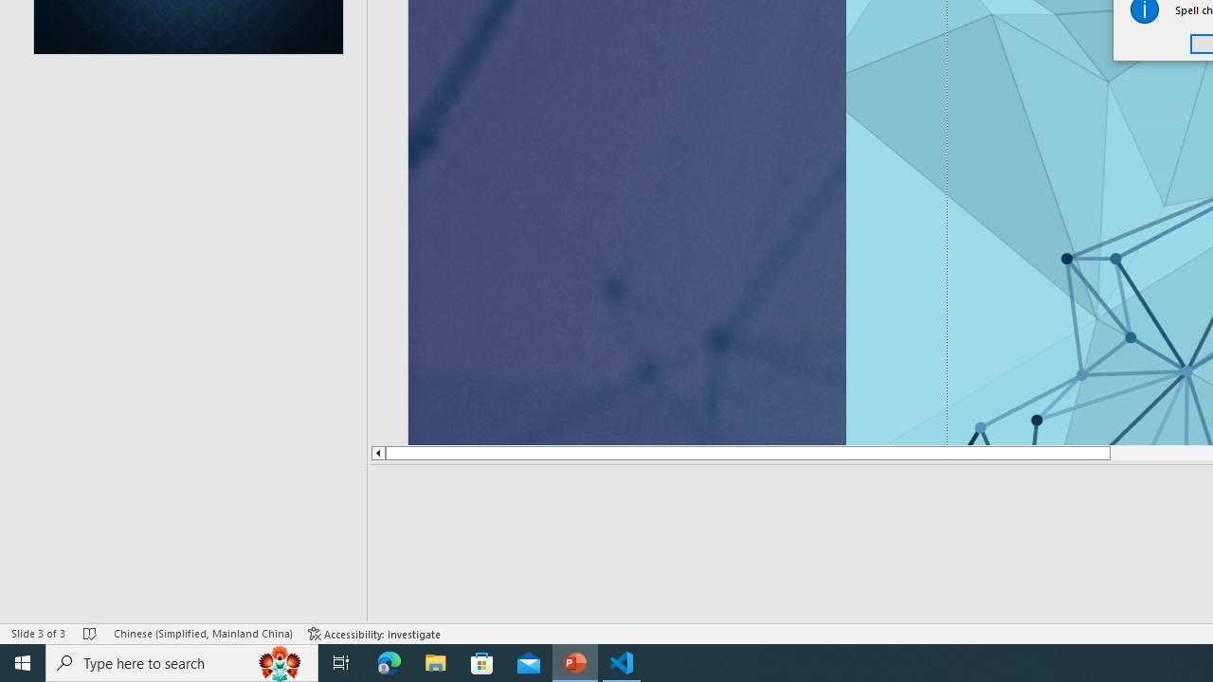 The width and height of the screenshot is (1213, 682). Describe the element at coordinates (574, 661) in the screenshot. I see `'PowerPoint - 1 running window'` at that location.